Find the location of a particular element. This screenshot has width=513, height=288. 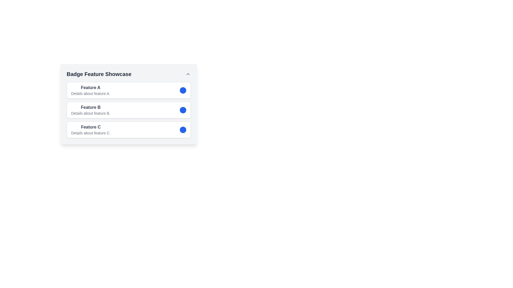

the Text block labeled 'Feature A' which includes a bold title and smaller descriptive text, positioned at the top of a vertically stacked list is located at coordinates (91, 90).